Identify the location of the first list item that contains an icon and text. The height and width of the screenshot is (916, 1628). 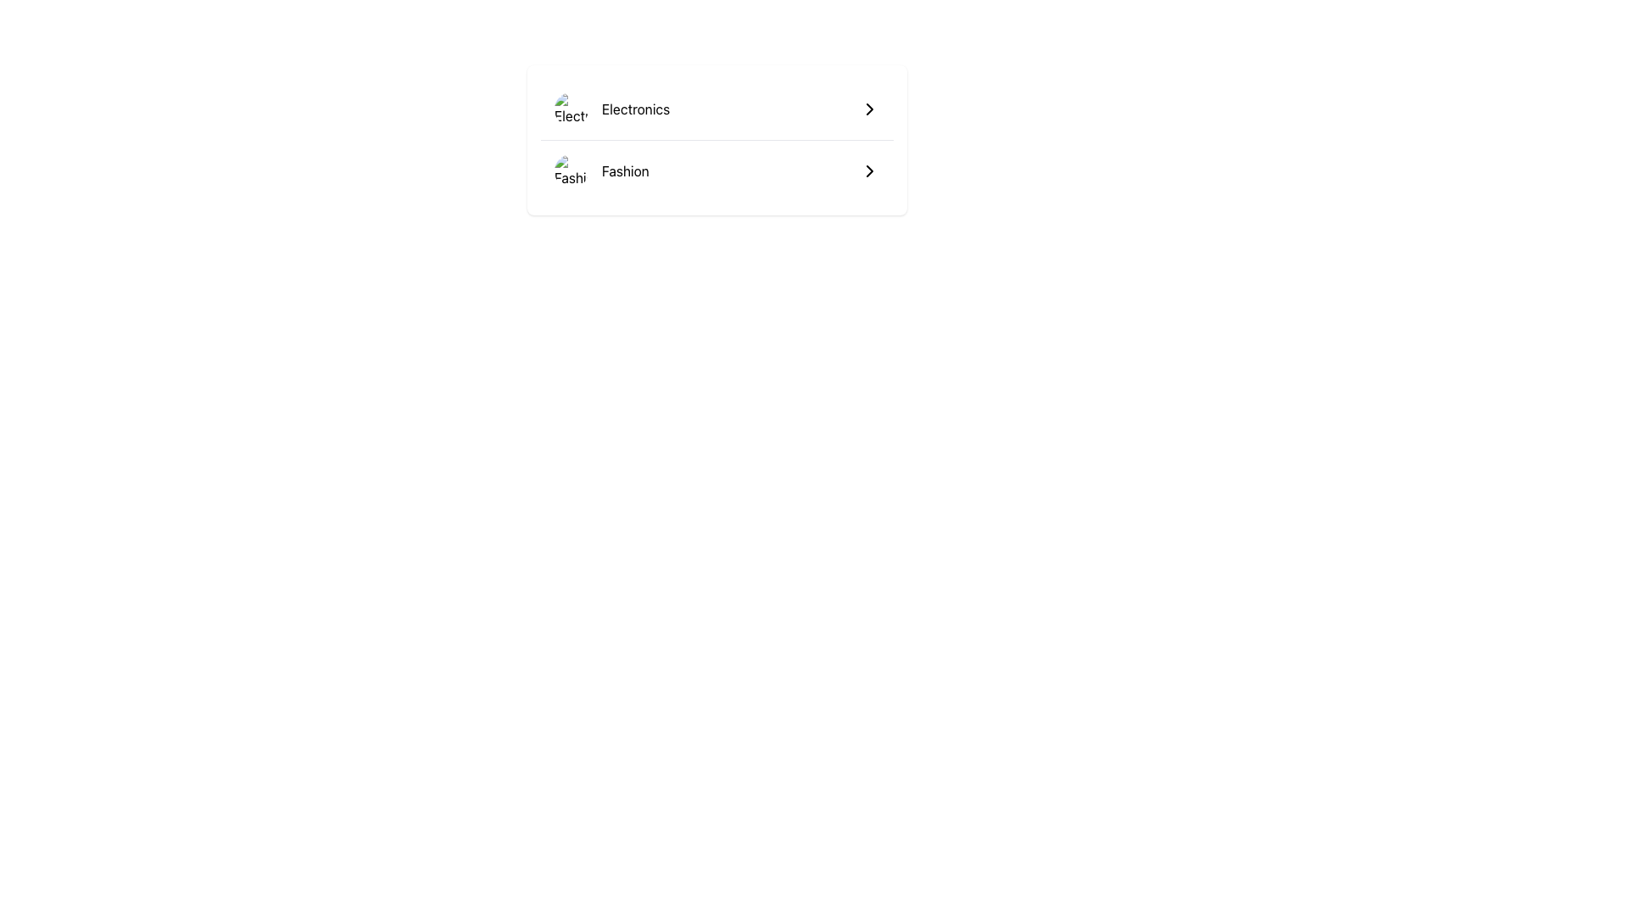
(610, 109).